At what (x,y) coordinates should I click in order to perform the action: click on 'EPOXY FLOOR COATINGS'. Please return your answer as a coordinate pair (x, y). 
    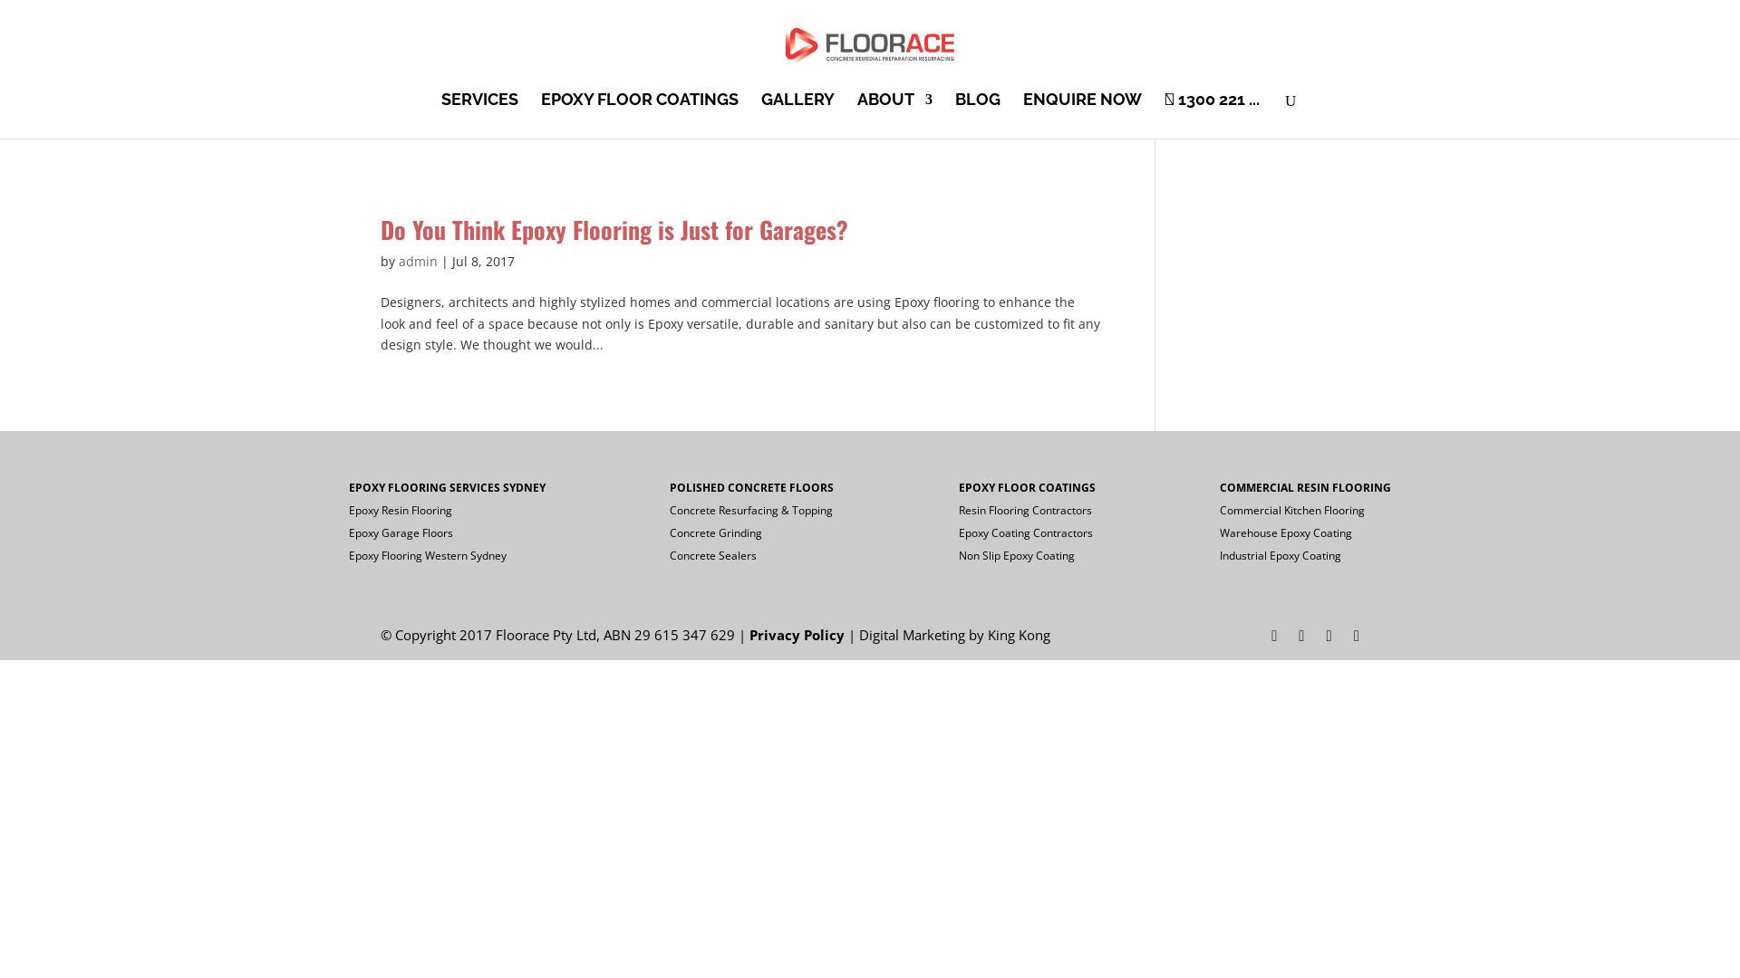
    Looking at the image, I should click on (957, 486).